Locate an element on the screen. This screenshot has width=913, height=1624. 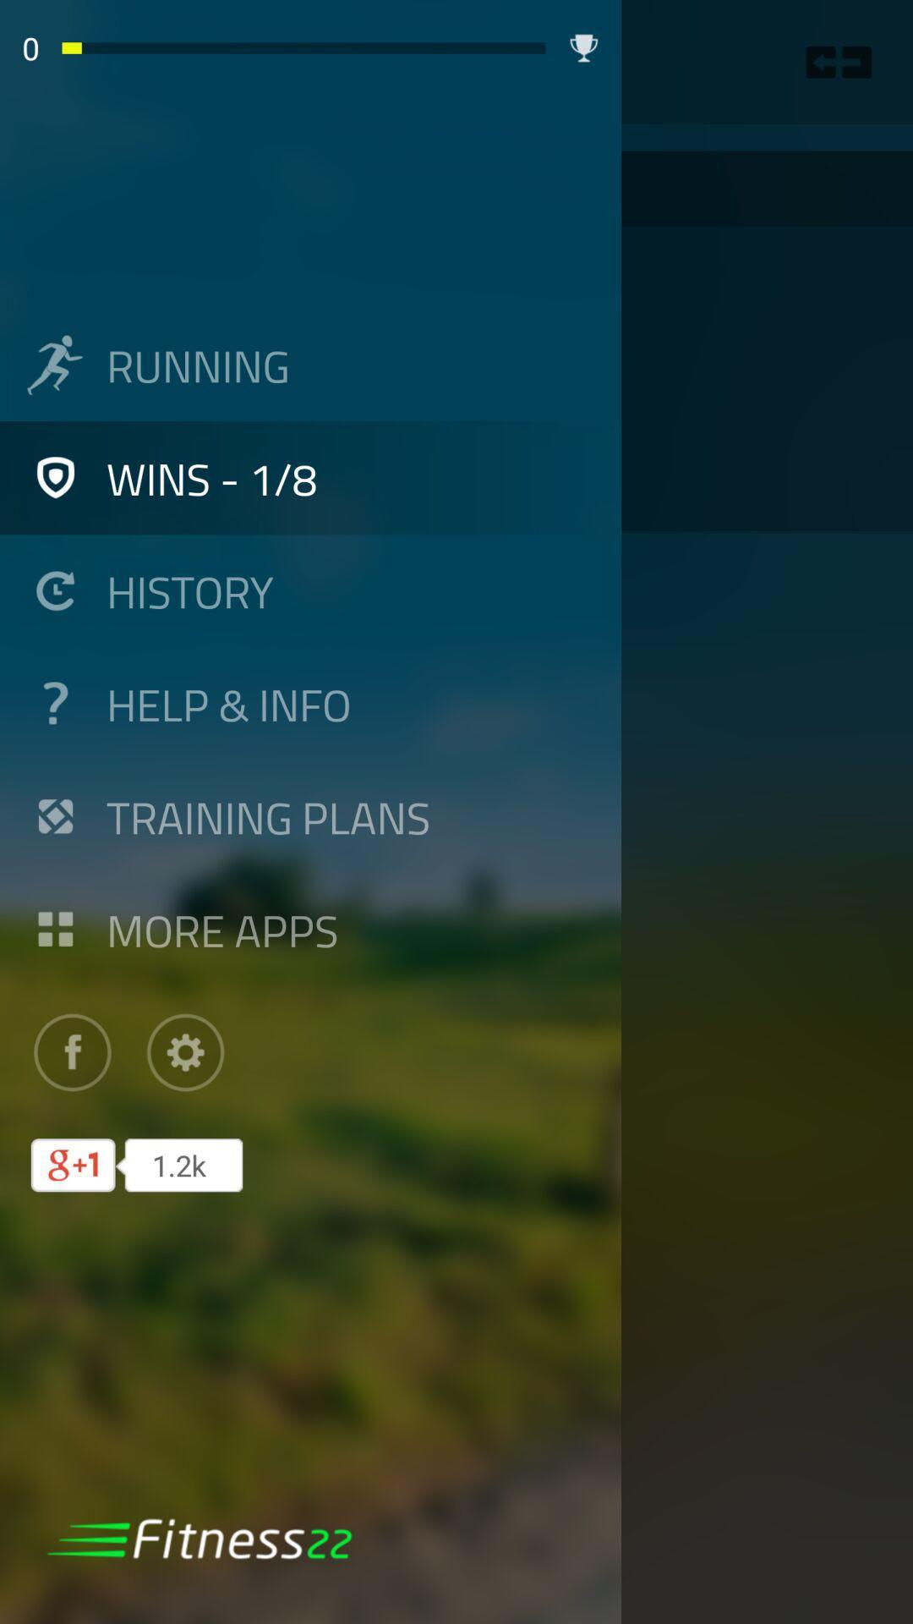
logo at bottom left corner is located at coordinates (199, 1539).